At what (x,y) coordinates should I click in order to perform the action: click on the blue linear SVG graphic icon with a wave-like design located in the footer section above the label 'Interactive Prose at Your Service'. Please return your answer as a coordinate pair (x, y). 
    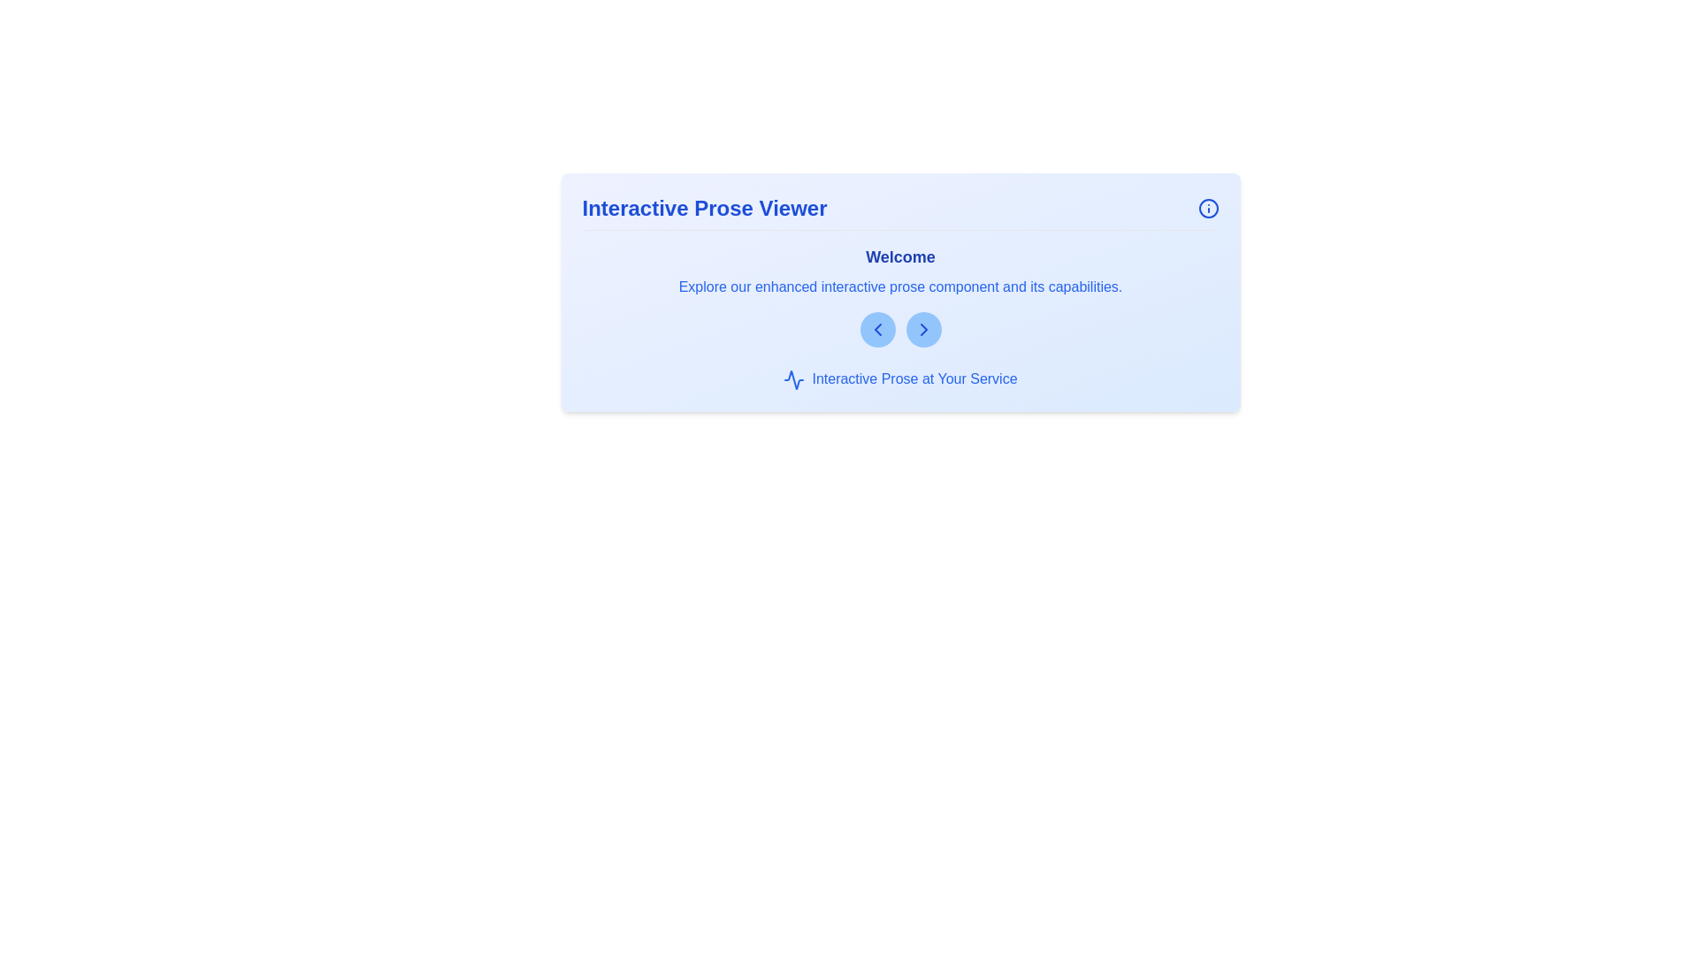
    Looking at the image, I should click on (793, 378).